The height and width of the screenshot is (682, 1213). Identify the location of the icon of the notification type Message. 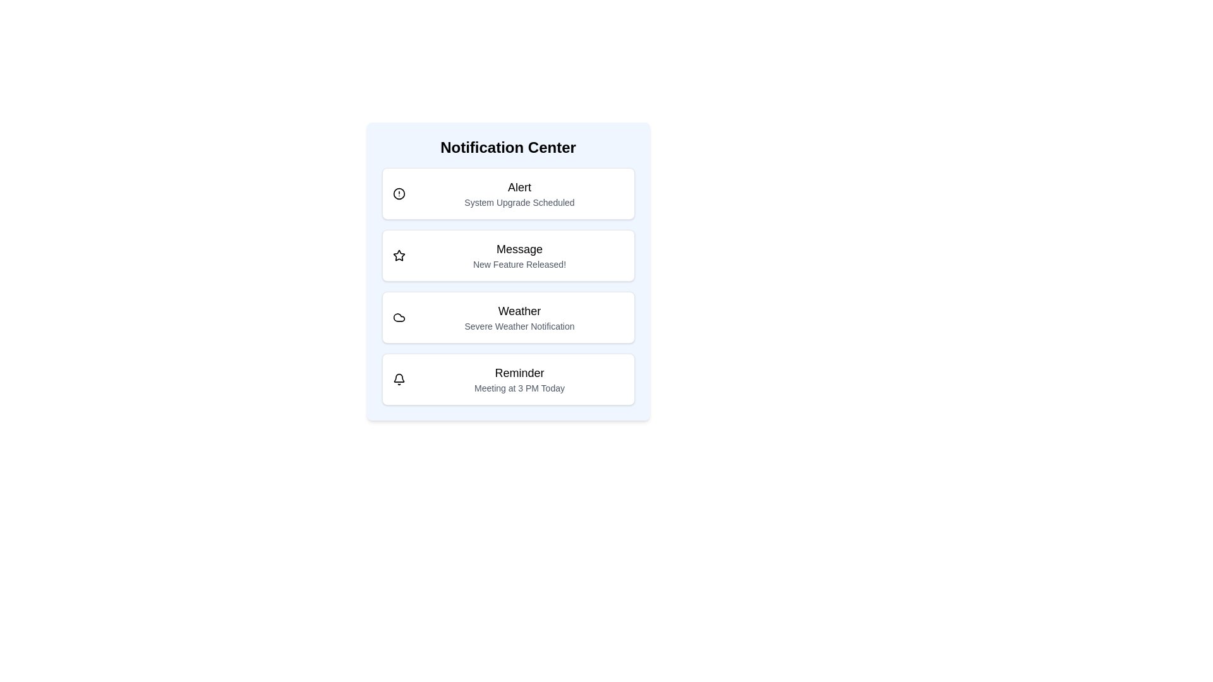
(398, 256).